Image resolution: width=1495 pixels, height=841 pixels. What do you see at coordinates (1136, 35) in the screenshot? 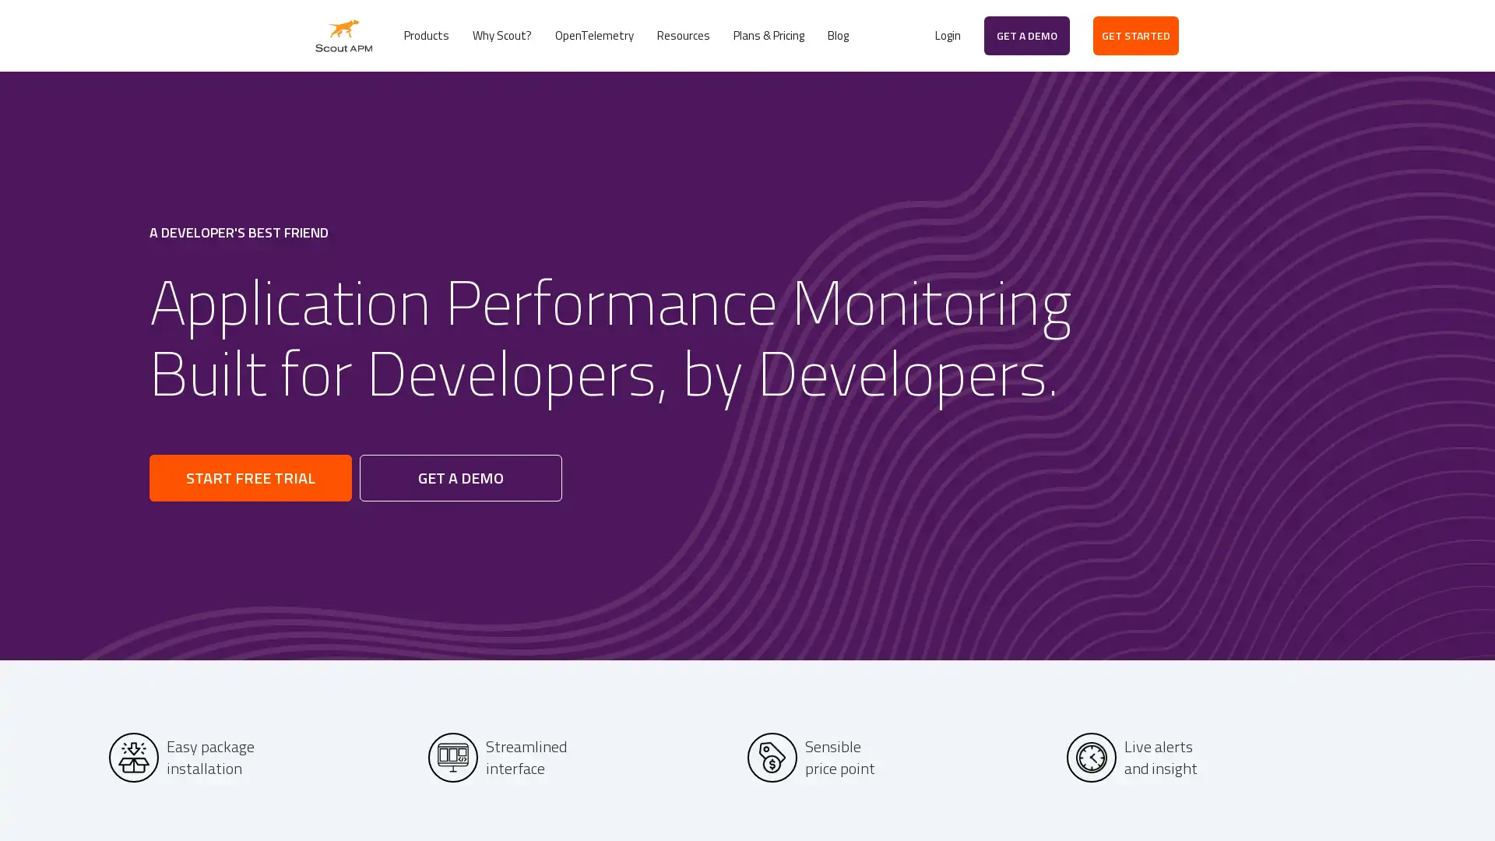
I see `GET STARTED` at bounding box center [1136, 35].